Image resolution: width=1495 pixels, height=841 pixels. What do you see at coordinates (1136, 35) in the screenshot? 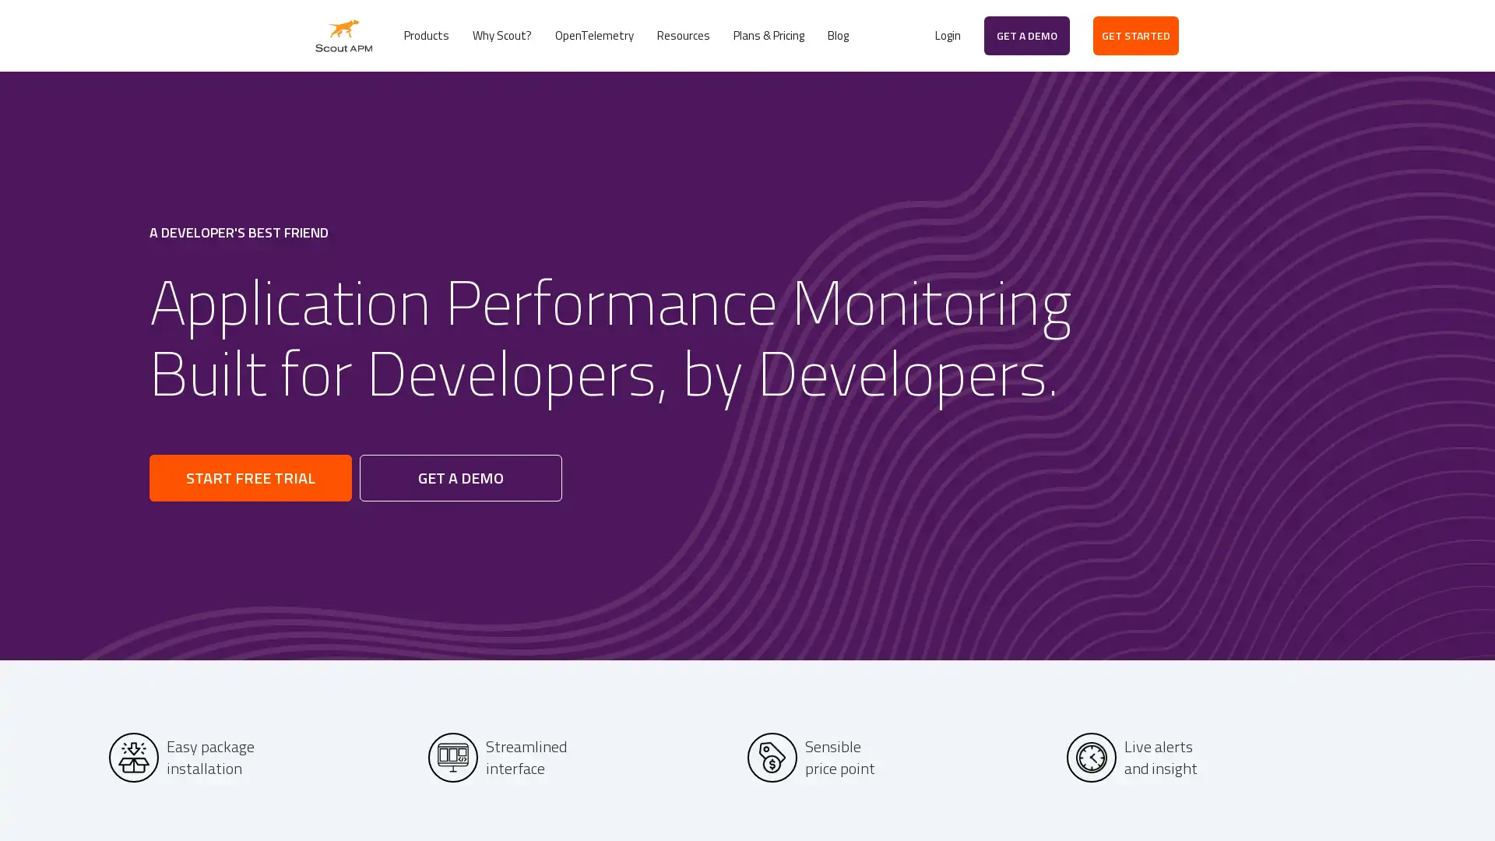
I see `GET STARTED` at bounding box center [1136, 35].